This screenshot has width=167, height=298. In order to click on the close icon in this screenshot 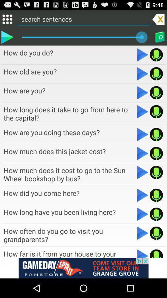, I will do `click(158, 20)`.